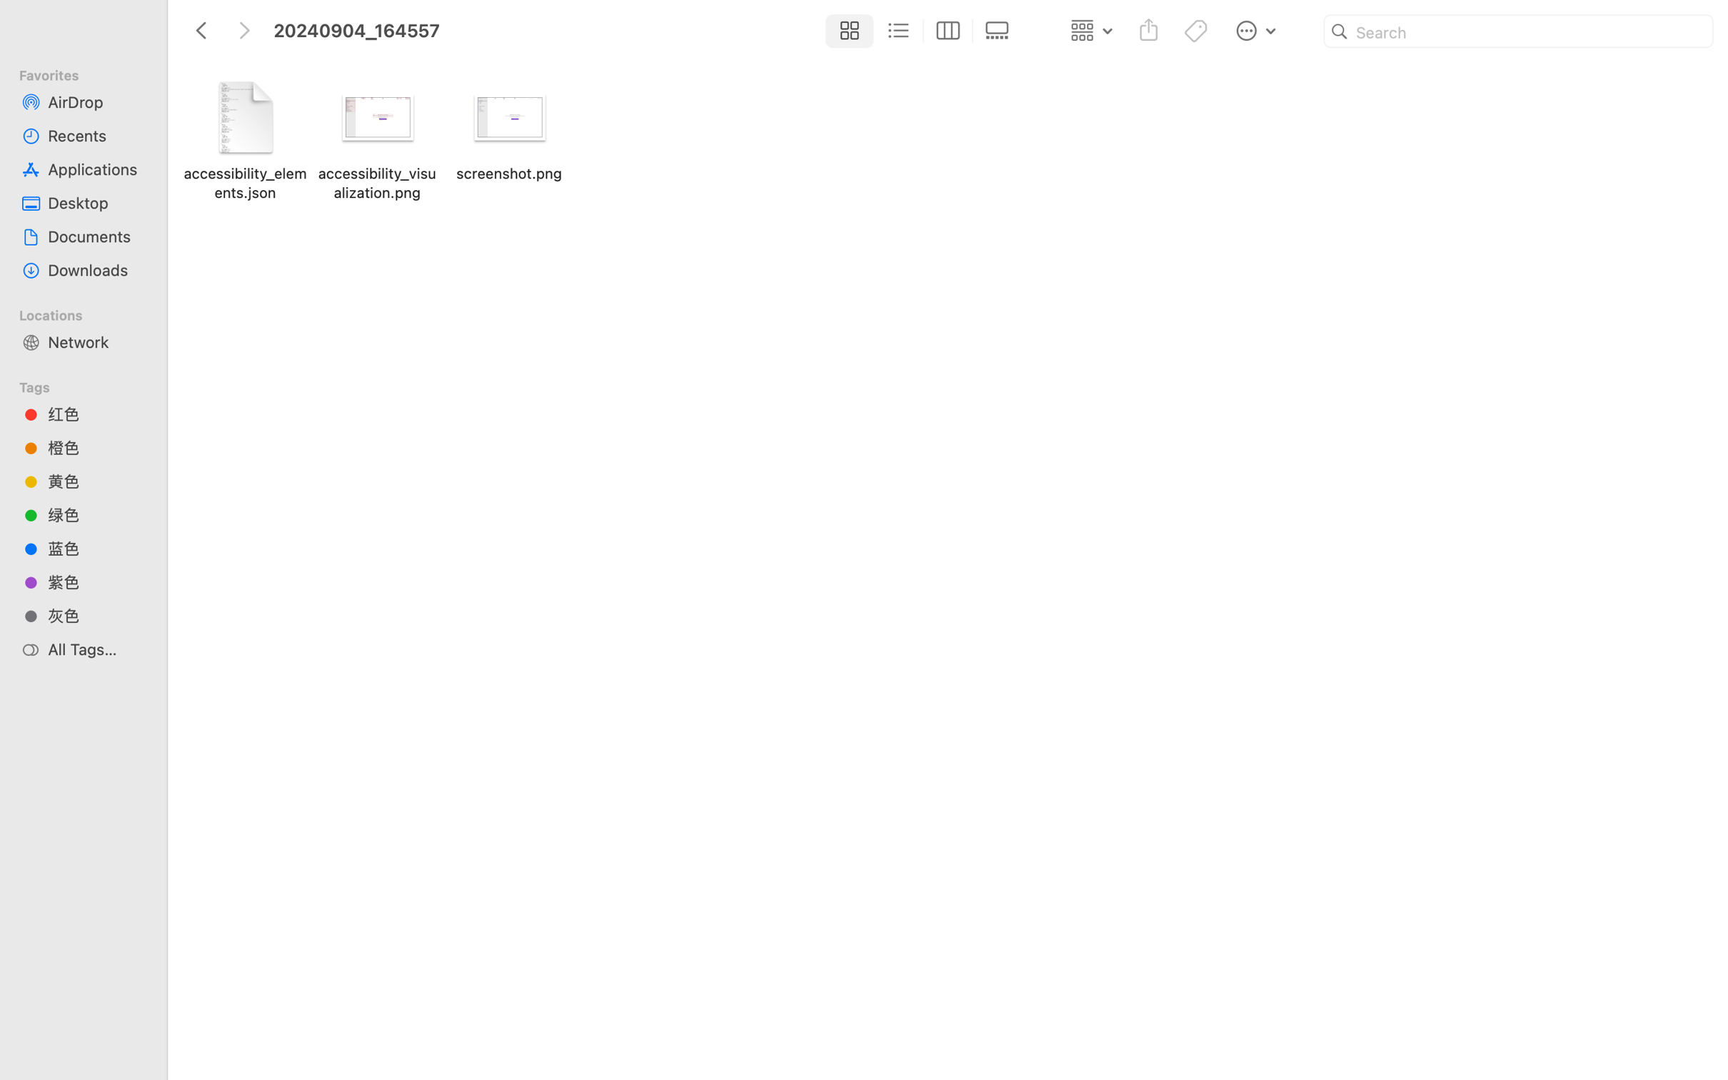 The height and width of the screenshot is (1080, 1728). I want to click on 'Documents', so click(96, 236).